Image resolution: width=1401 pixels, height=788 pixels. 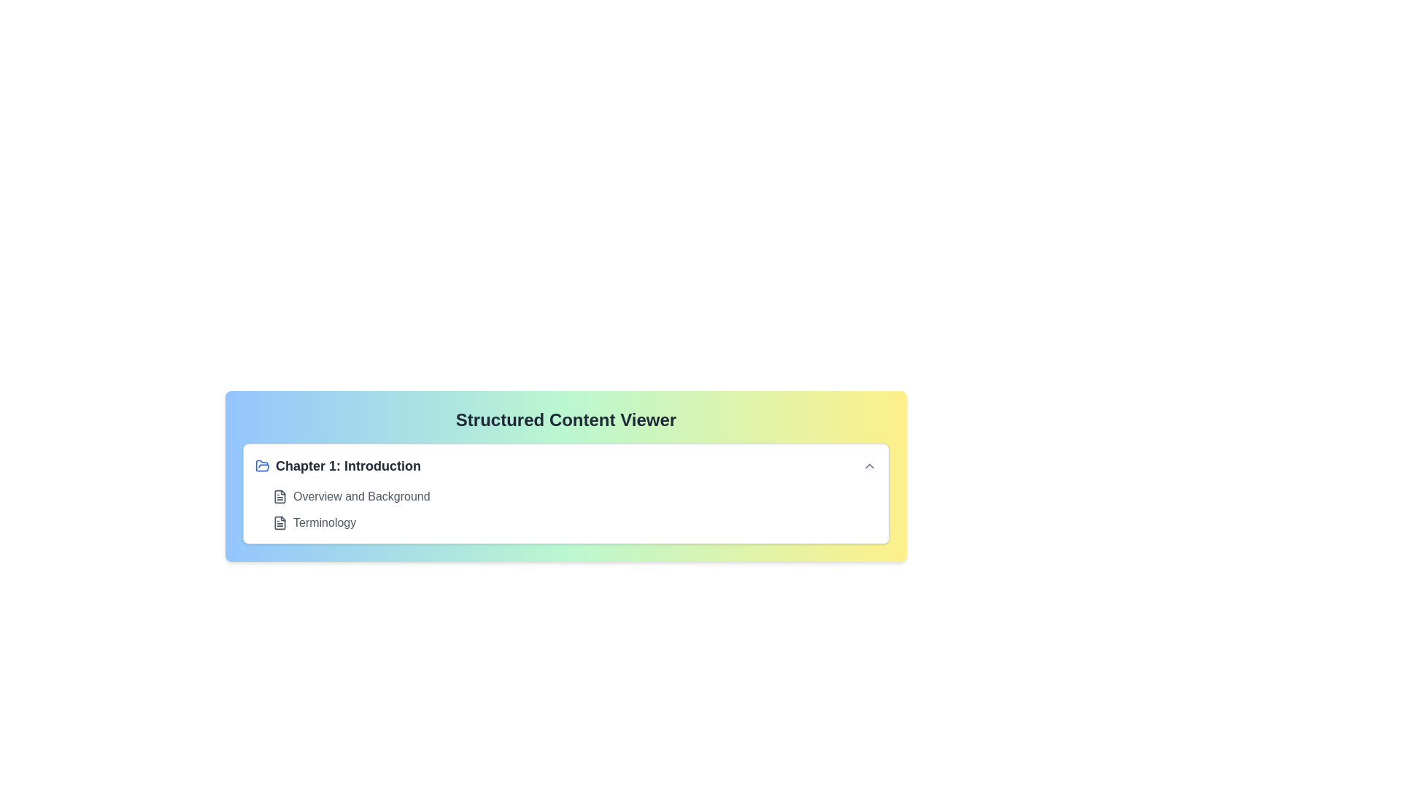 What do you see at coordinates (869, 466) in the screenshot?
I see `the icon on the right-hand side of the 'Chapter 1: Introduction' section heading` at bounding box center [869, 466].